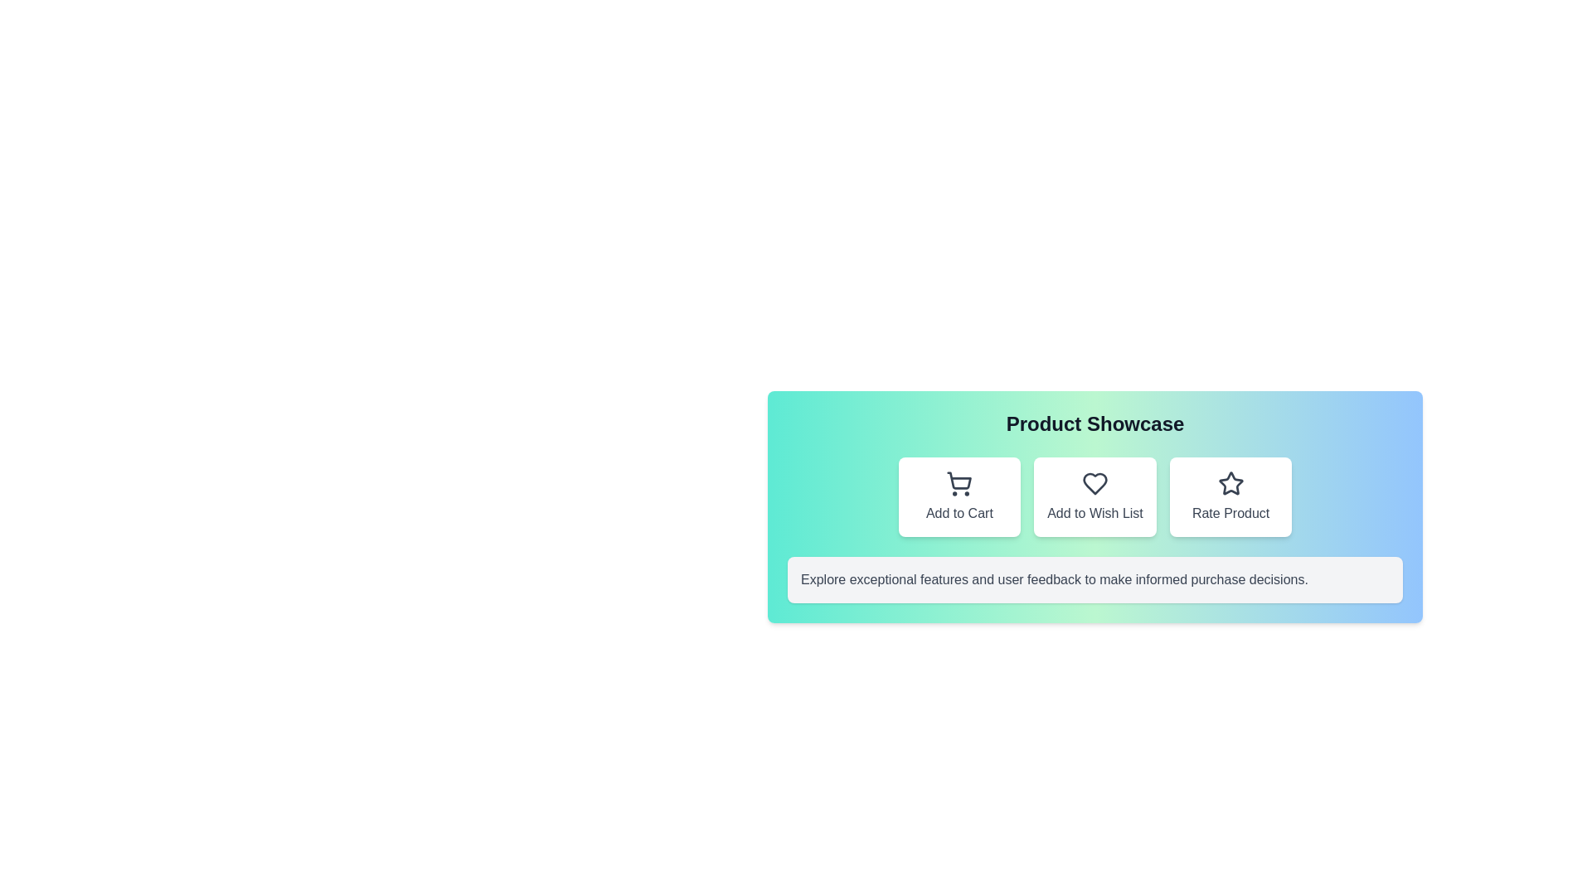  I want to click on the Static Text Box displaying the message 'Explore exceptional features and user feedback to make informed purchase decisions.', so click(1094, 578).